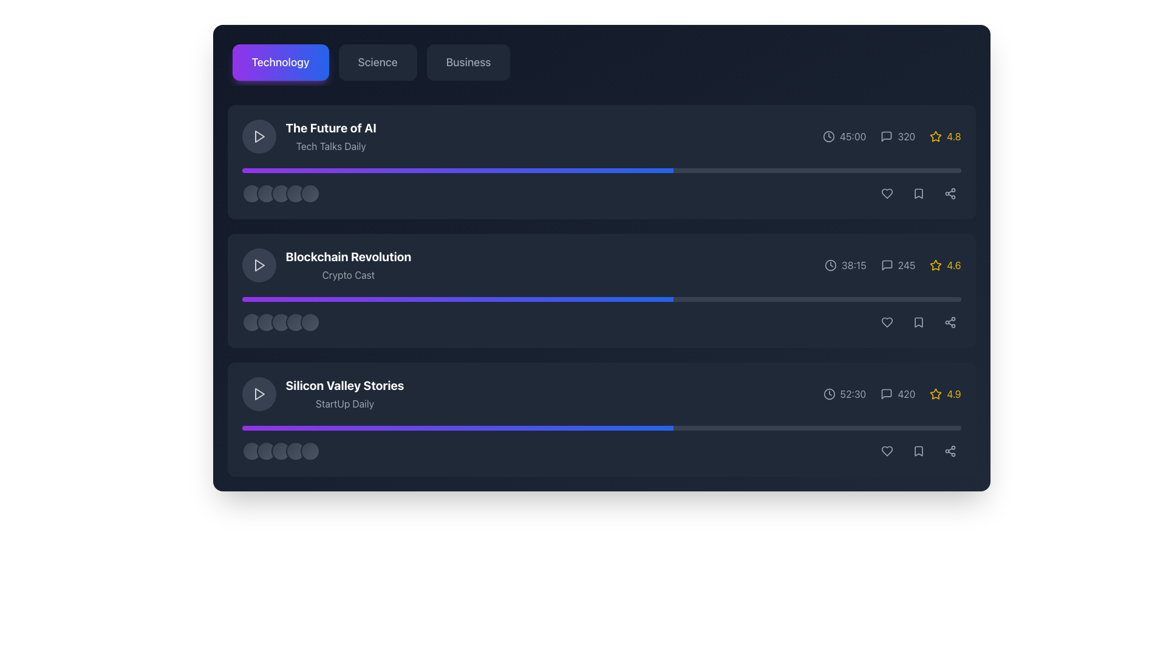 The height and width of the screenshot is (656, 1166). What do you see at coordinates (887, 394) in the screenshot?
I see `the small outlined speech bubble icon indicating comments or messages, located near the bottom-right corner of the third media item` at bounding box center [887, 394].